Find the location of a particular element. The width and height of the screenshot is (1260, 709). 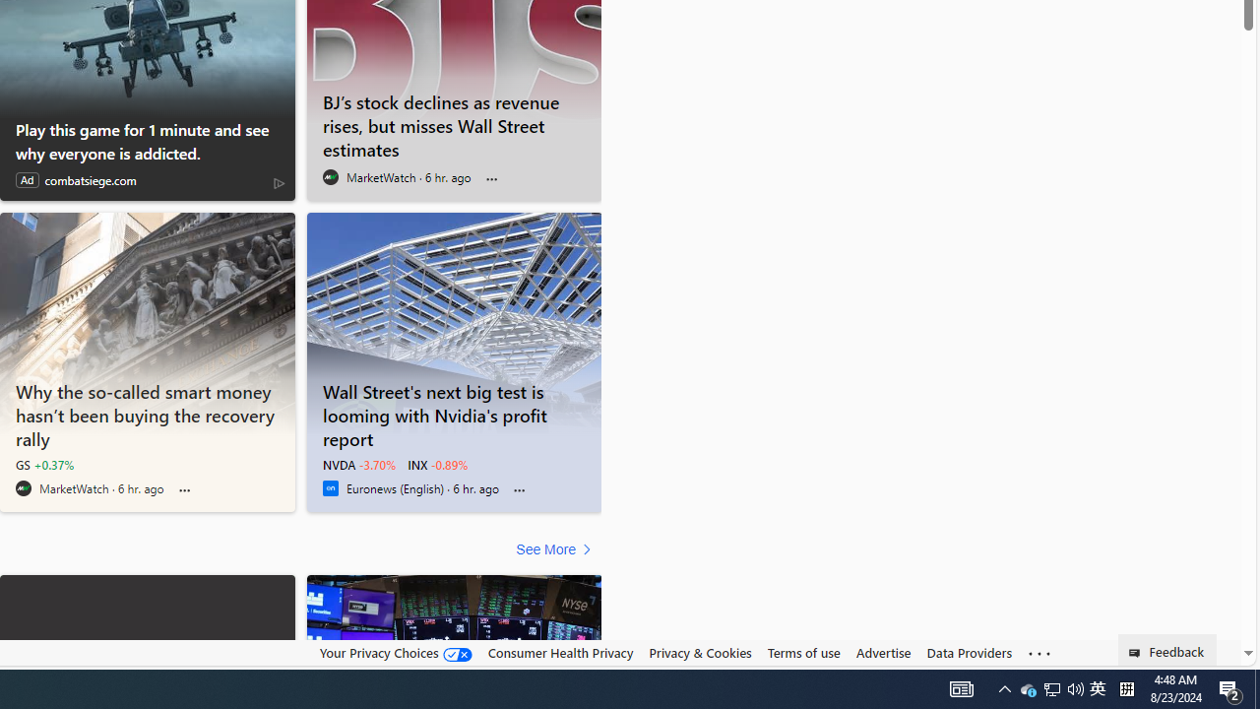

'Consumer Health Privacy' is located at coordinates (559, 653).